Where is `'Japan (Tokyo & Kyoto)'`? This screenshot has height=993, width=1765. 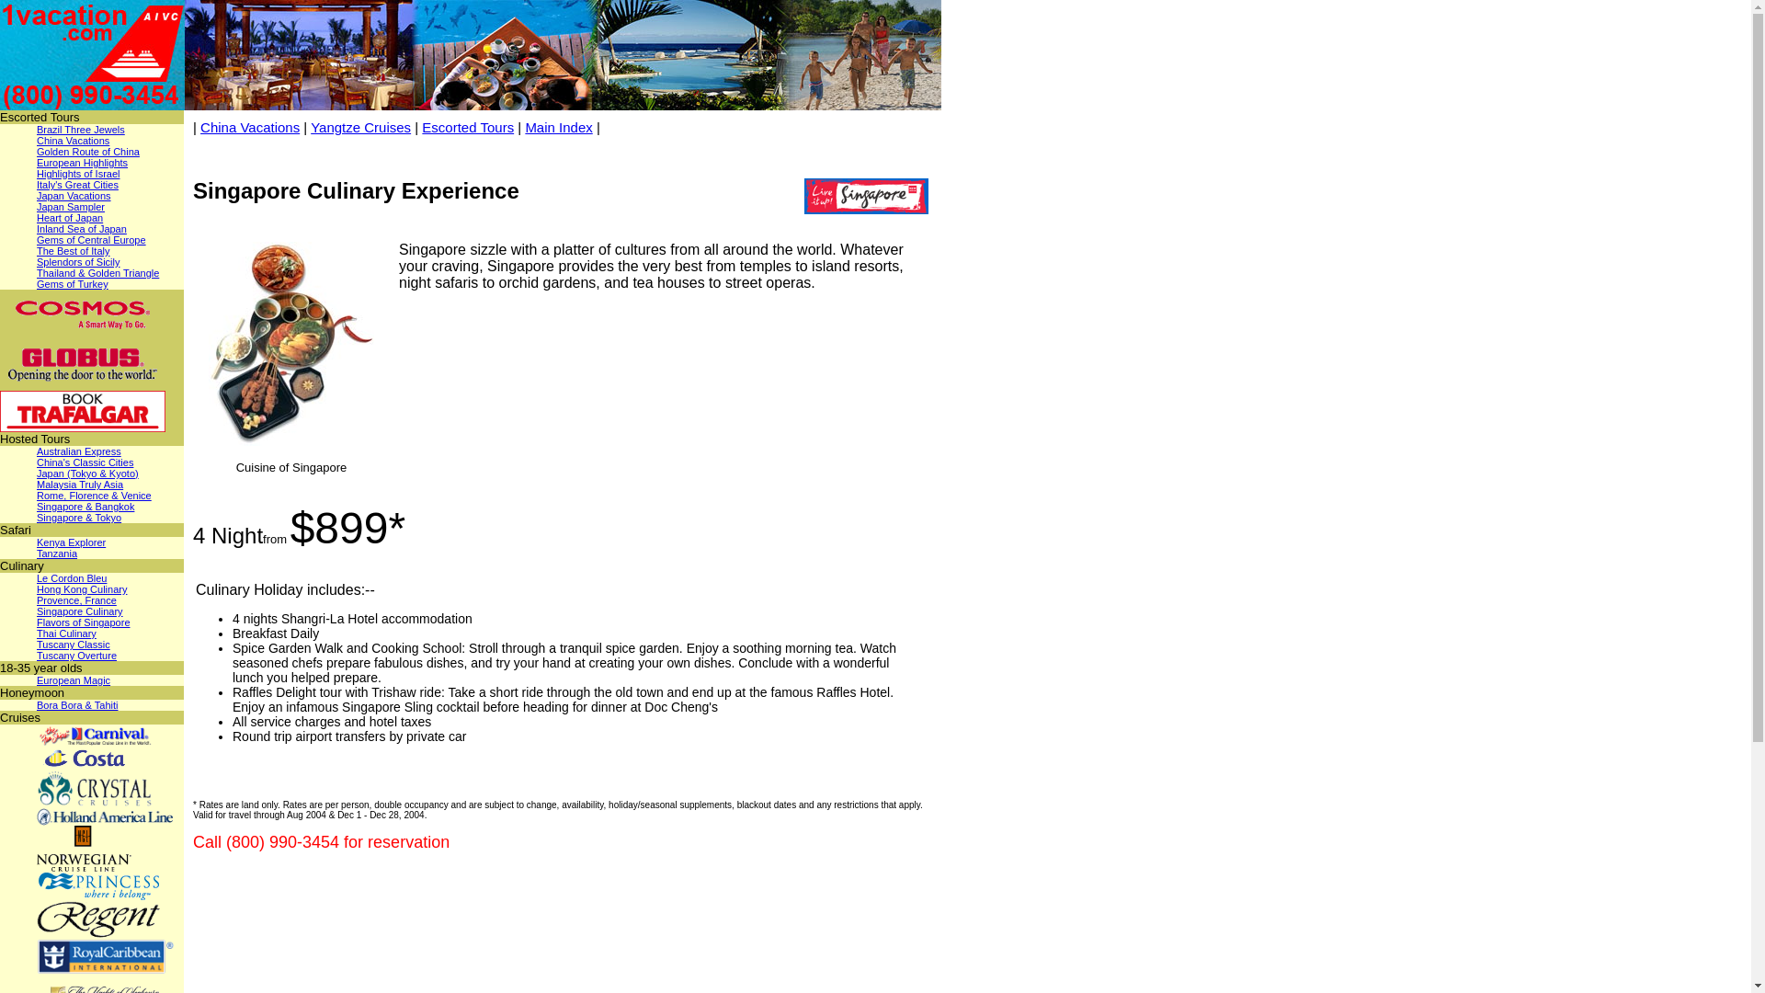 'Japan (Tokyo & Kyoto)' is located at coordinates (86, 473).